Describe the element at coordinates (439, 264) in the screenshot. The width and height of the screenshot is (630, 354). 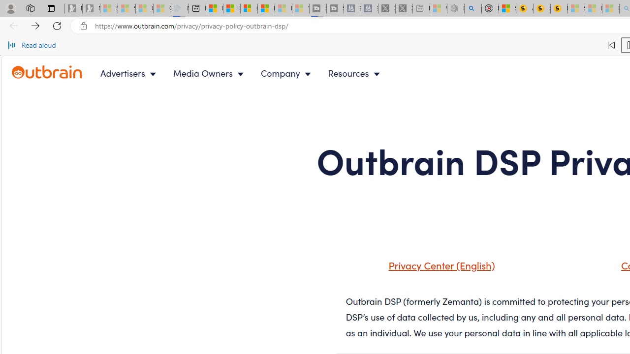
I see `'Privacy Center (English)'` at that location.